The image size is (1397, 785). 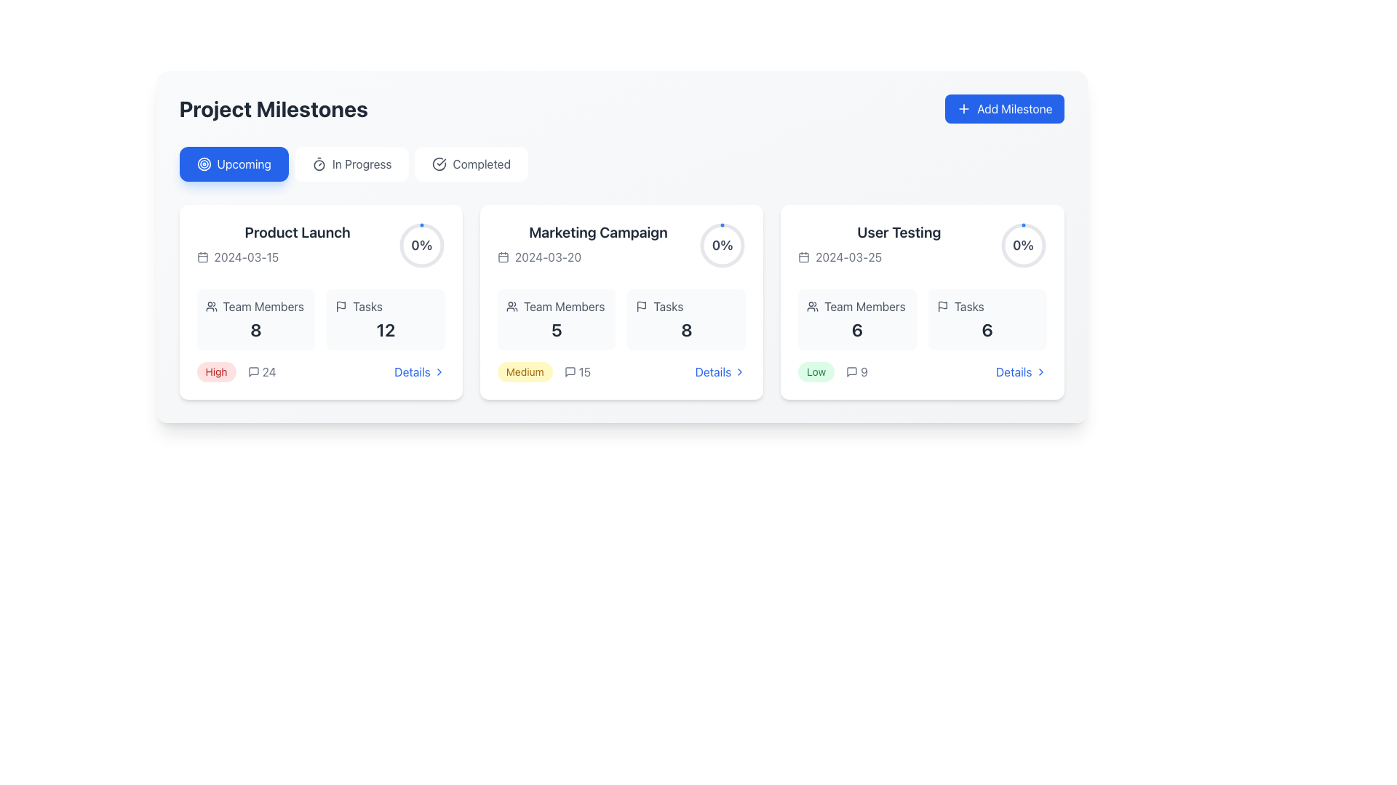 I want to click on the small gray calendar icon with rounded borders located next to the date '2024-03-25' within the 'User Testing' milestone card, so click(x=803, y=257).